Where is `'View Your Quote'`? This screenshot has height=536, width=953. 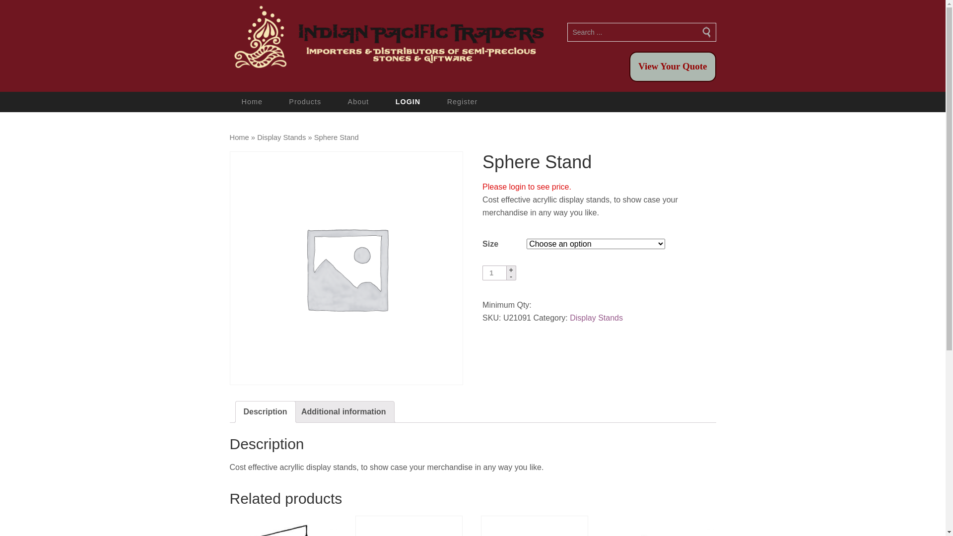 'View Your Quote' is located at coordinates (673, 67).